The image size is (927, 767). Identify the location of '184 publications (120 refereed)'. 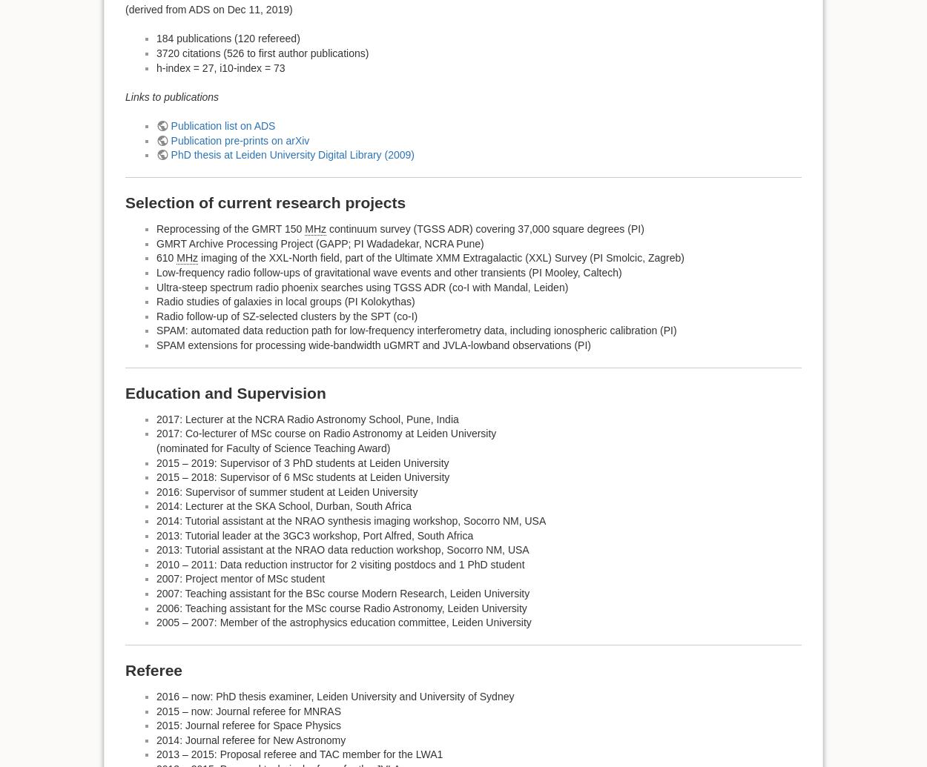
(228, 38).